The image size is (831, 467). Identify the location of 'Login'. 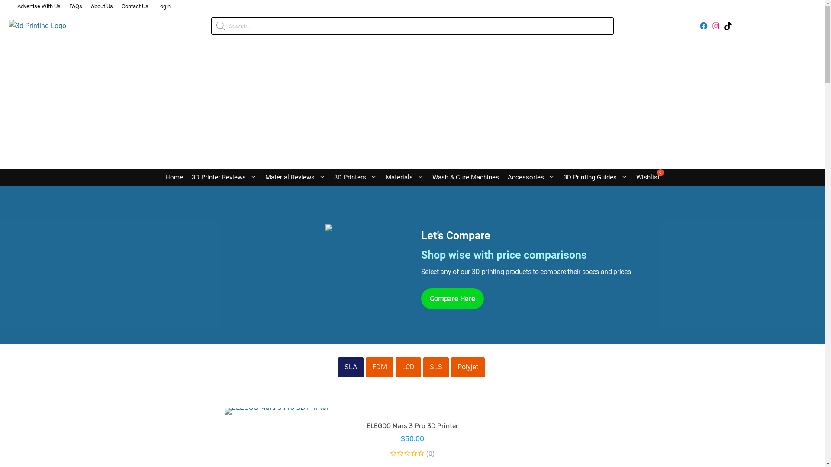
(164, 6).